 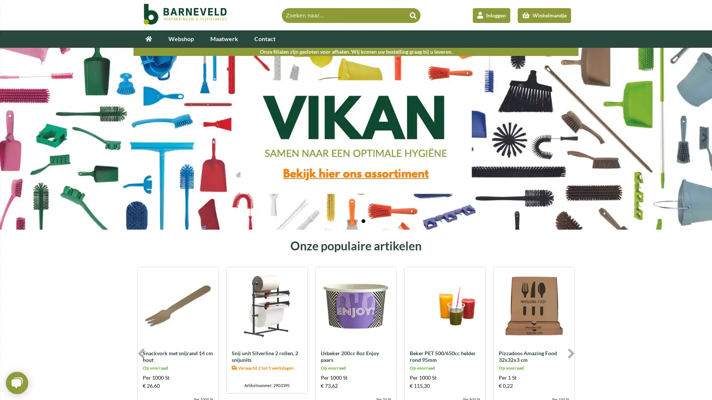 I want to click on 2, so click(x=356, y=221).